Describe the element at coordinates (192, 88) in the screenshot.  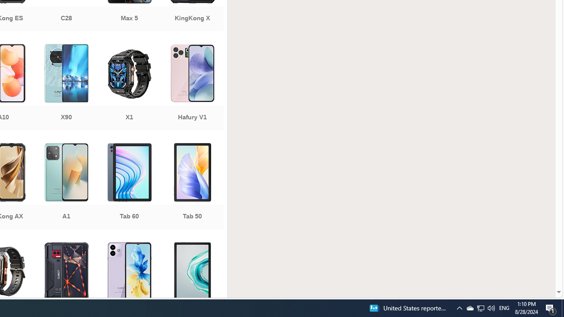
I see `'Hafury V1'` at that location.